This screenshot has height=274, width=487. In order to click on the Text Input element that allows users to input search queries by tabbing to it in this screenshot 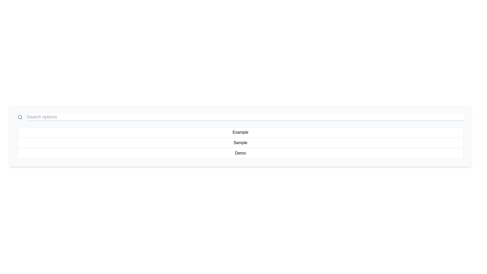, I will do `click(245, 117)`.